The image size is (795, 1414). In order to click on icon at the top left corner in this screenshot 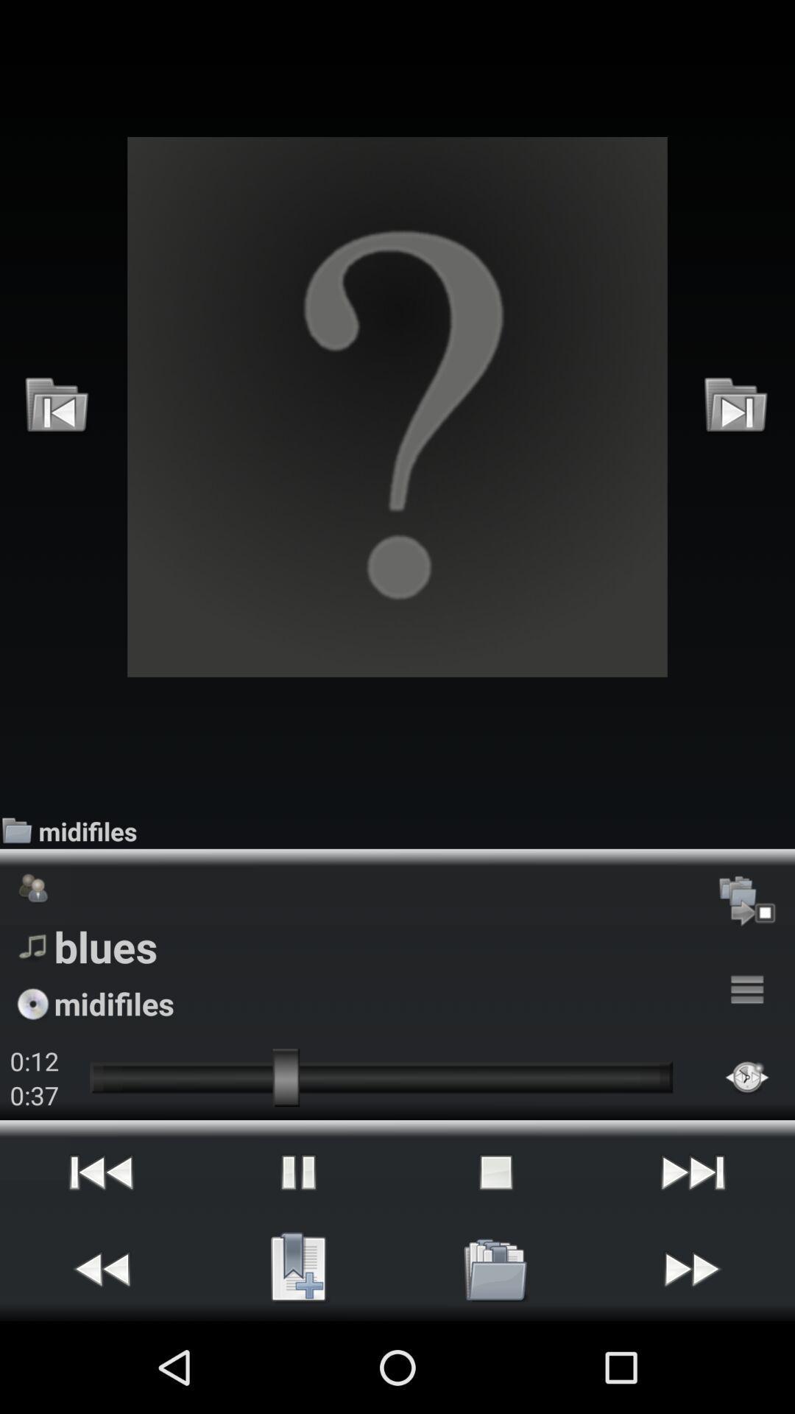, I will do `click(57, 407)`.